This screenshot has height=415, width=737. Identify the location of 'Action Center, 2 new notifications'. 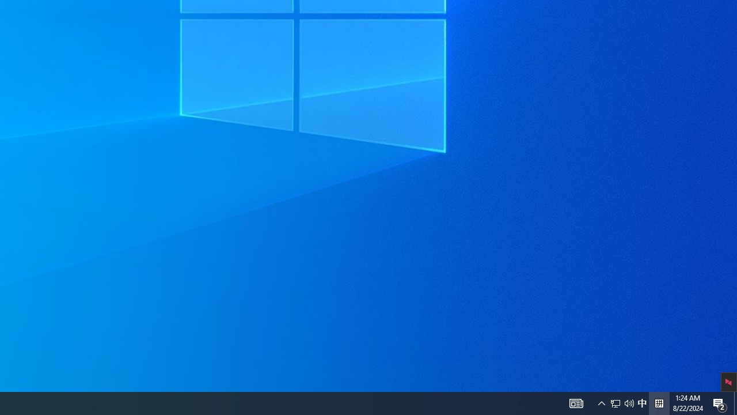
(720, 402).